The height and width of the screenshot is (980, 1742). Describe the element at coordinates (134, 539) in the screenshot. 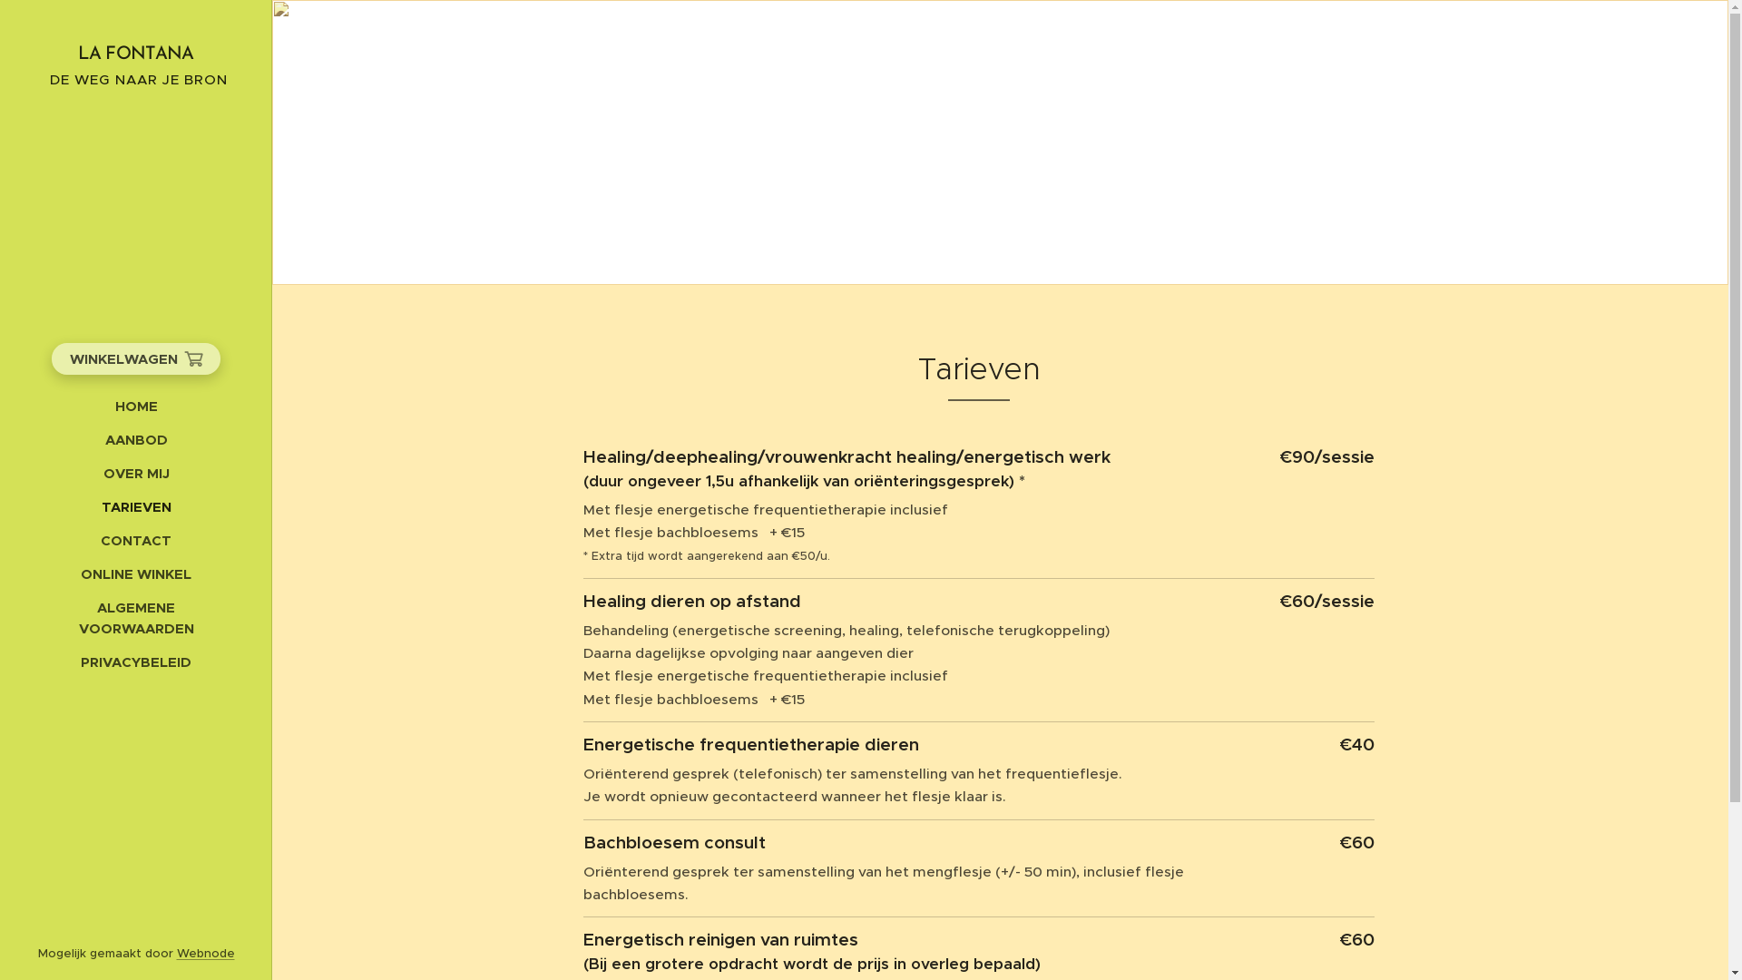

I see `'CONTACT'` at that location.